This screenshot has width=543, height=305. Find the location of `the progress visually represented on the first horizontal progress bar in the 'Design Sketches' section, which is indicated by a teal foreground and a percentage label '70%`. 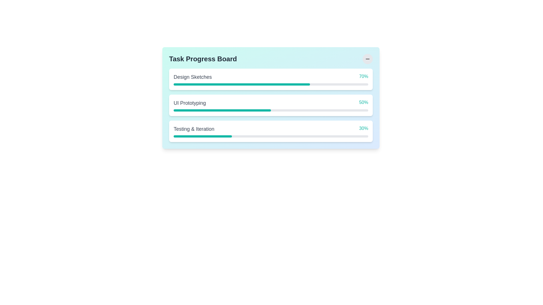

the progress visually represented on the first horizontal progress bar in the 'Design Sketches' section, which is indicated by a teal foreground and a percentage label '70% is located at coordinates (271, 84).